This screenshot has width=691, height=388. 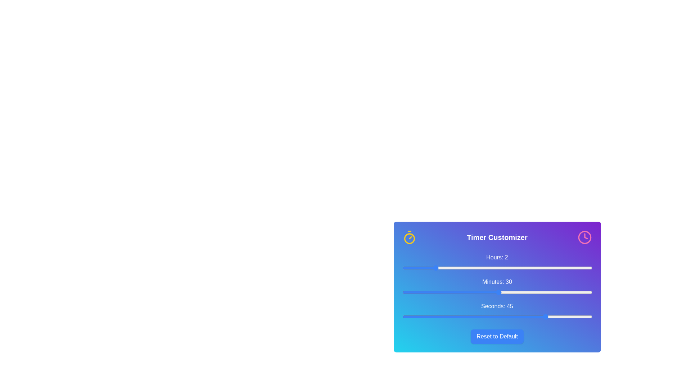 What do you see at coordinates (560, 268) in the screenshot?
I see `the 'hours' slider to set the hour value to 10` at bounding box center [560, 268].